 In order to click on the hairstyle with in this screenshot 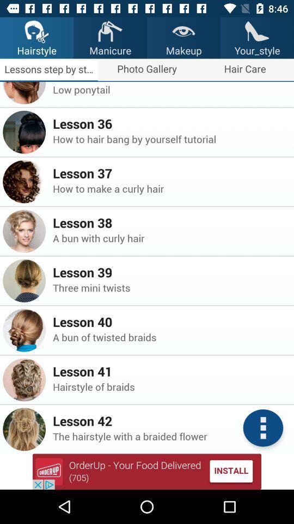, I will do `click(170, 436)`.